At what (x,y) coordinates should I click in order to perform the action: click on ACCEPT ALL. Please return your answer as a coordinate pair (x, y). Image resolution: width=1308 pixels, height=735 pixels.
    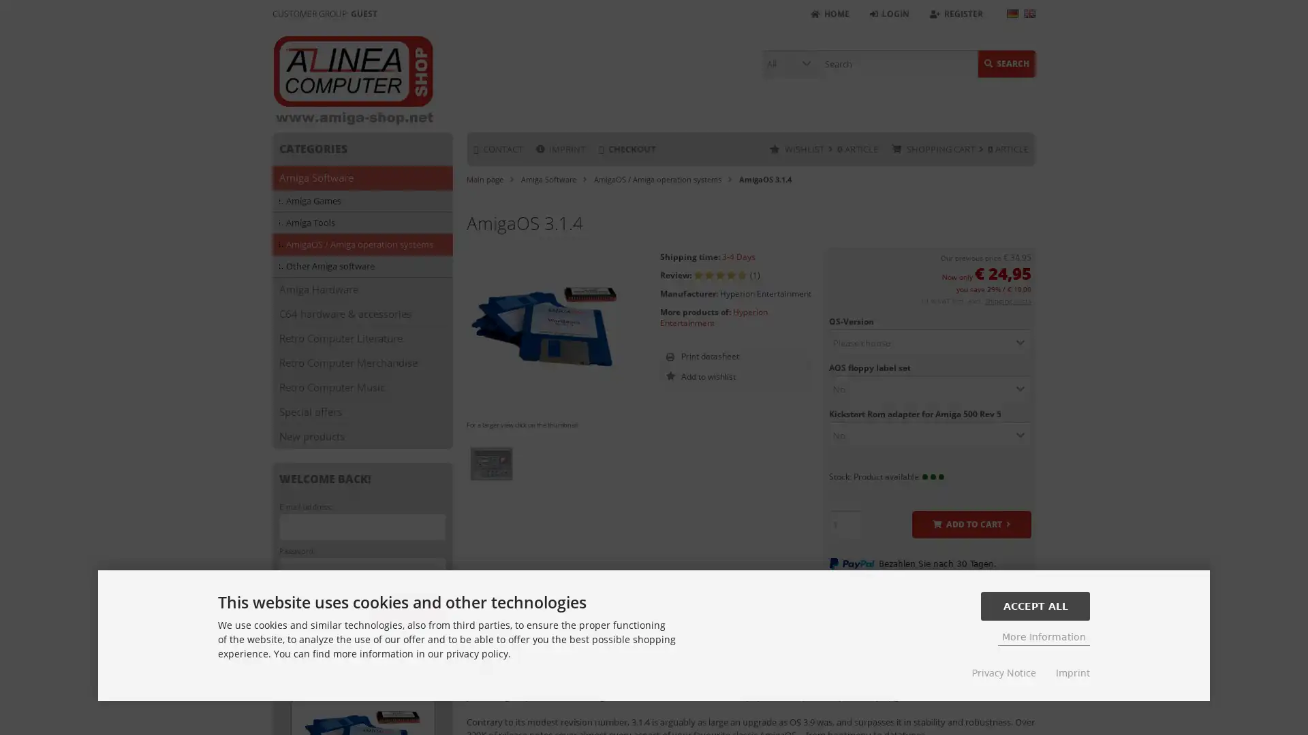
    Looking at the image, I should click on (1035, 605).